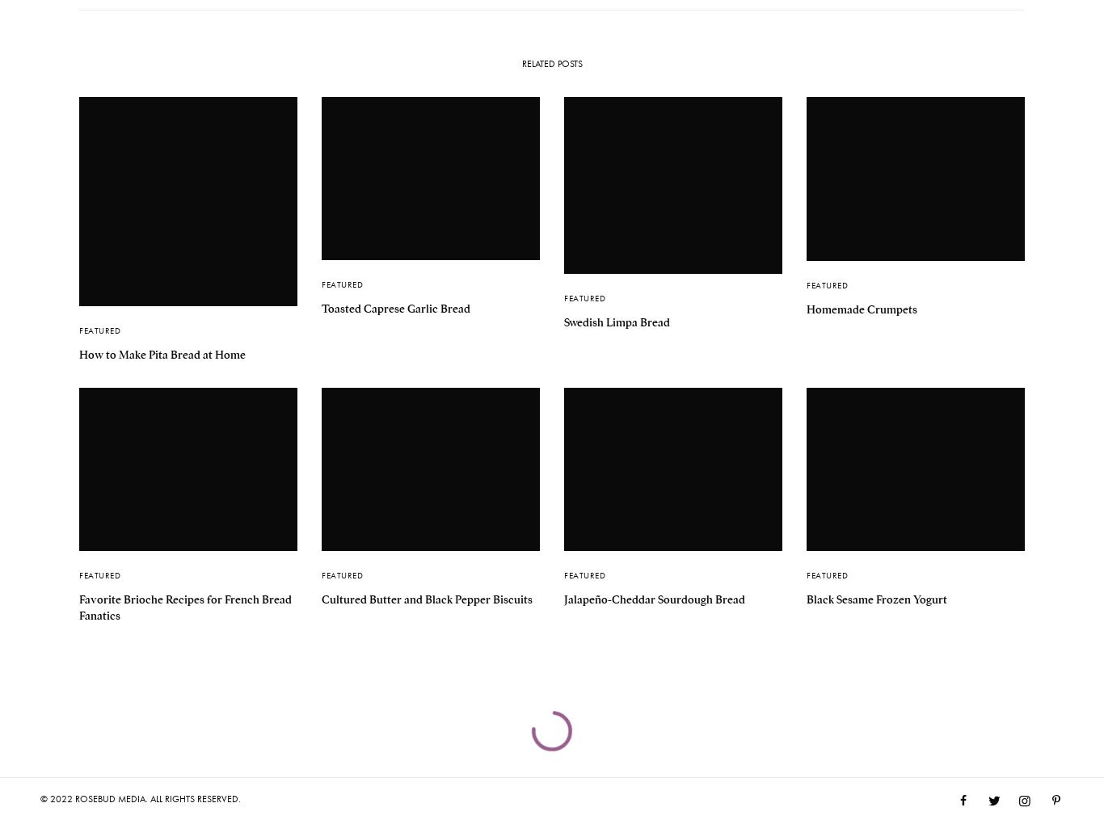  What do you see at coordinates (564, 597) in the screenshot?
I see `'Jalapeño-Cheddar Sourdough Bread'` at bounding box center [564, 597].